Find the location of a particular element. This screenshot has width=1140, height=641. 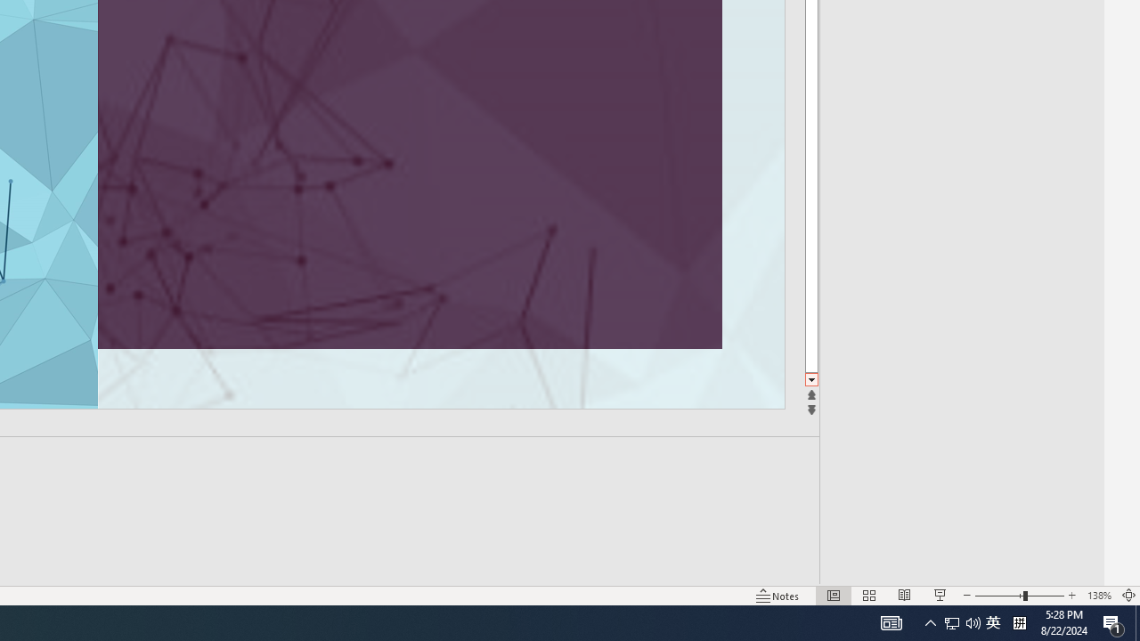

'Zoom 138%' is located at coordinates (1098, 596).